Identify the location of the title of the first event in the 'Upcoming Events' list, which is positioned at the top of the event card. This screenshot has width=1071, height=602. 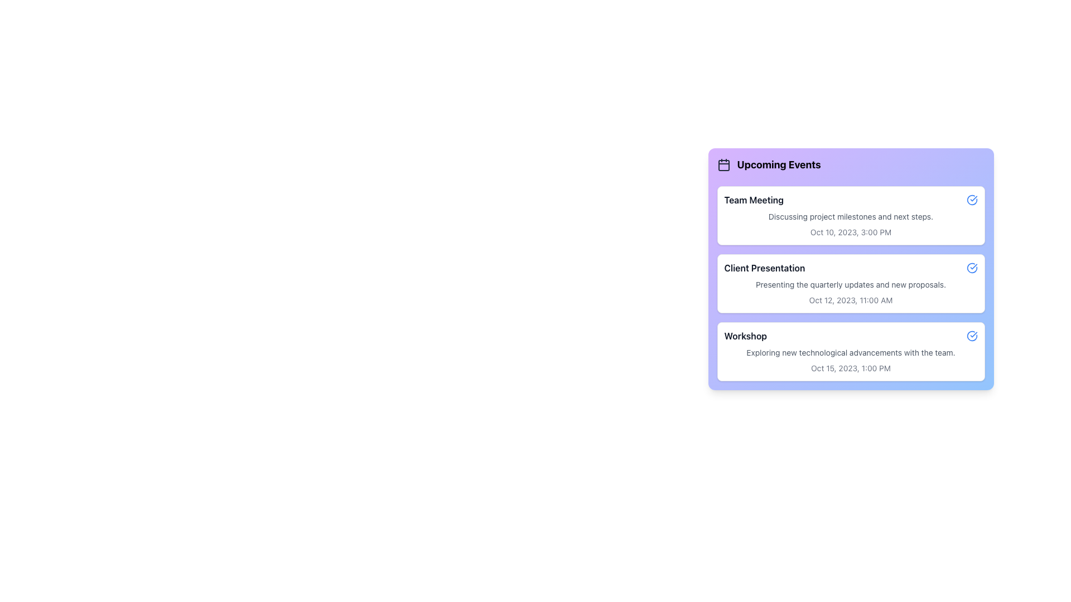
(754, 199).